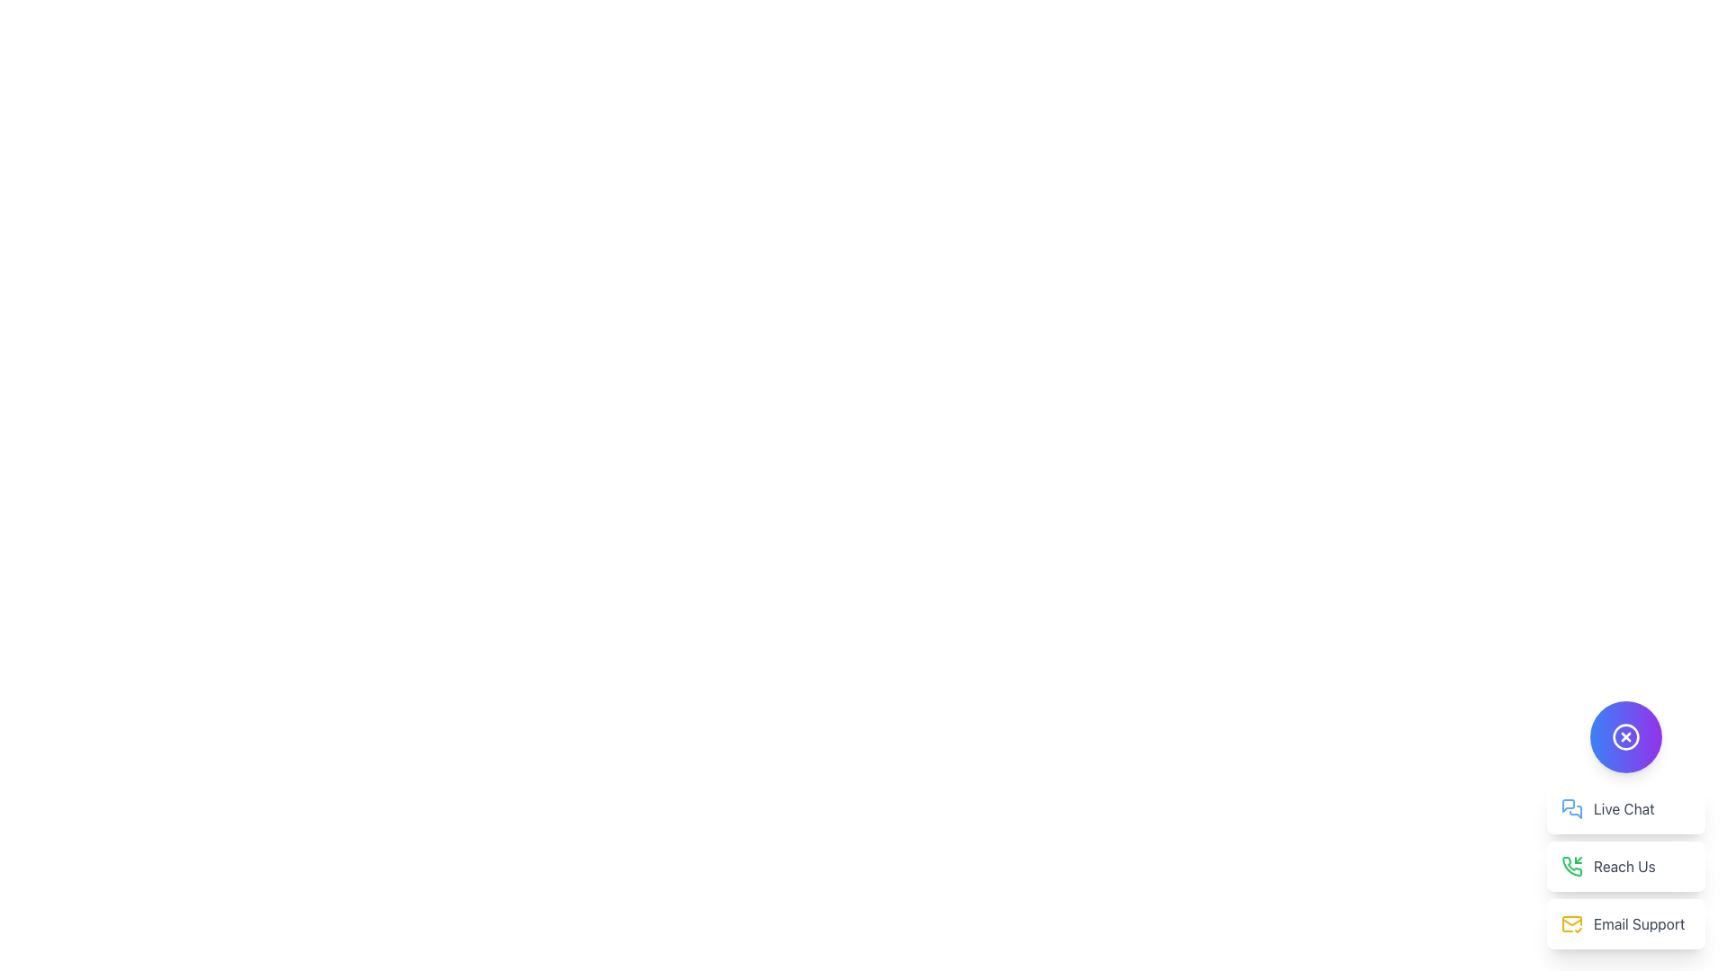 This screenshot has height=971, width=1727. I want to click on the 'Email Support' text element, which is styled with a gray color and positioned to the right of a yellow mail icon, located in a white box with rounded corners in the bottom-right corner of the interface, so click(1639, 924).